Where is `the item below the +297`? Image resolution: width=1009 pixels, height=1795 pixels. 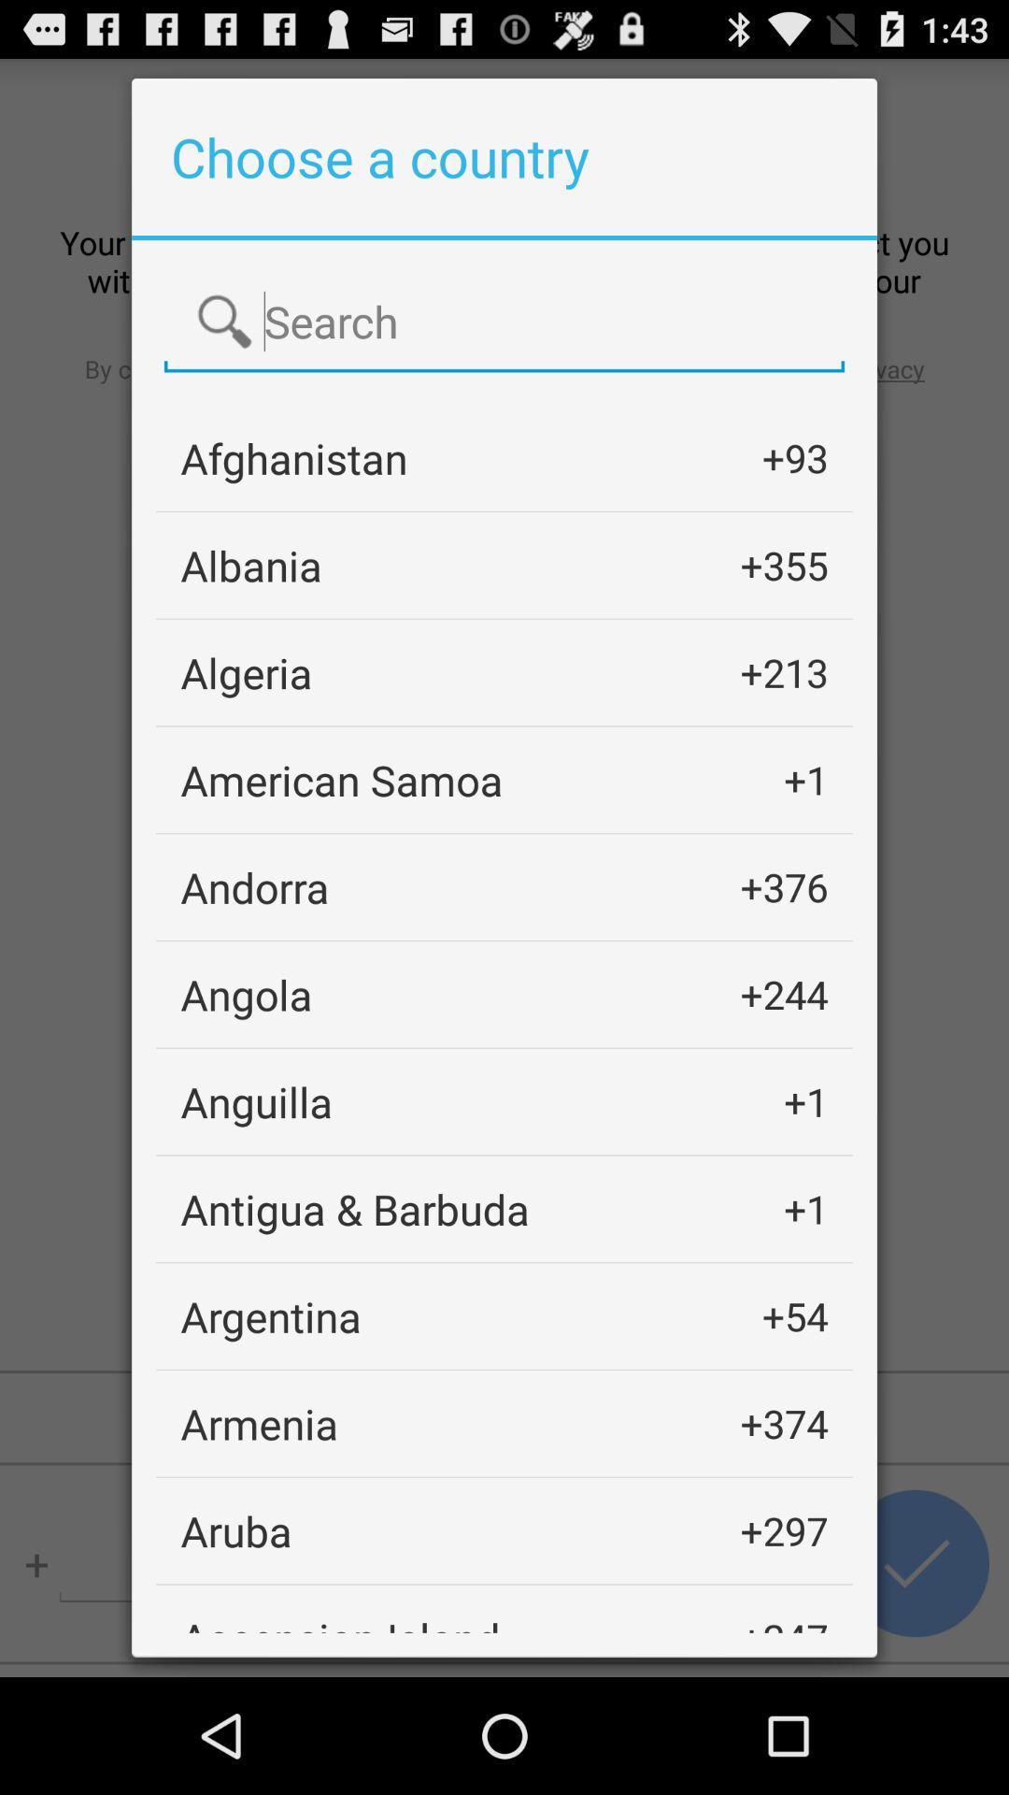 the item below the +297 is located at coordinates (784, 1620).